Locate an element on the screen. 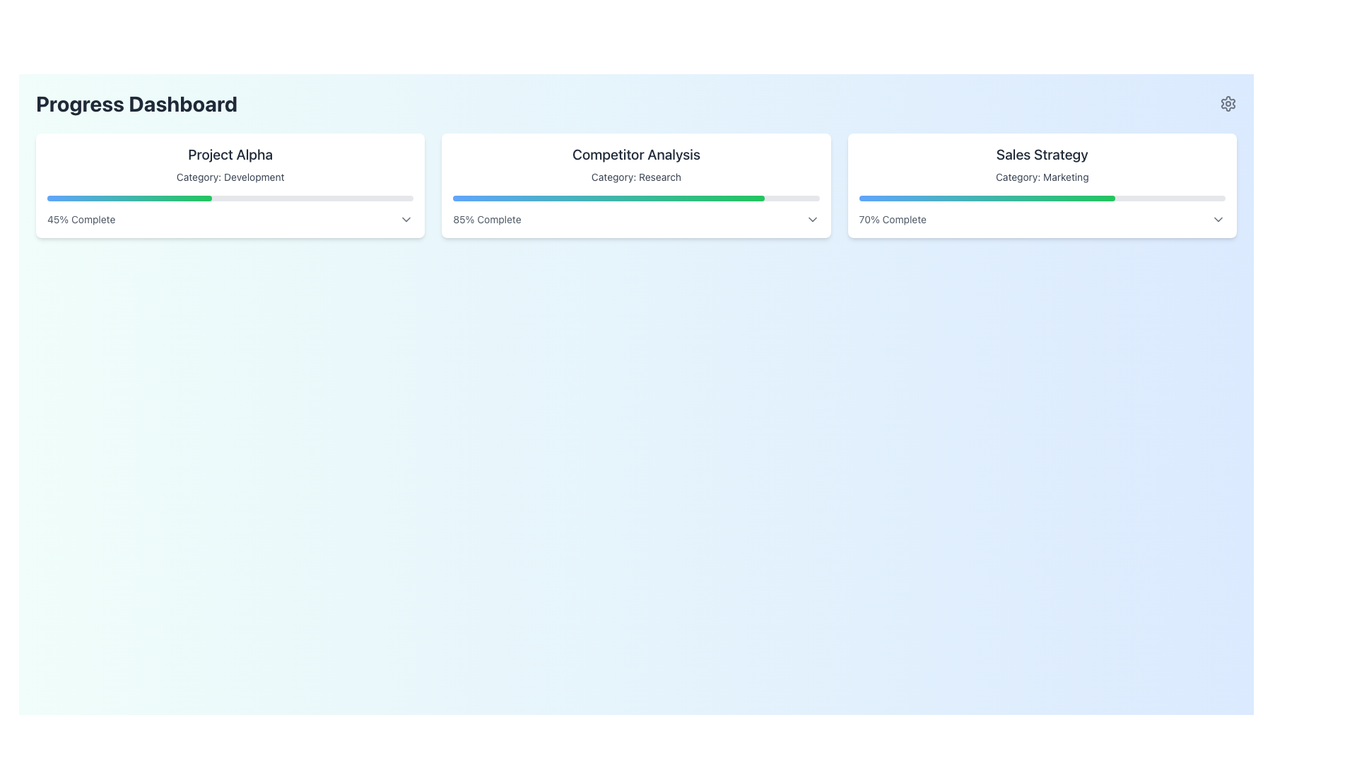  the text indicating the project completion percentage located at the lower left of the 'Project Alpha' card in the Progress Dashboard, directly beneath the progress bar is located at coordinates (81, 220).